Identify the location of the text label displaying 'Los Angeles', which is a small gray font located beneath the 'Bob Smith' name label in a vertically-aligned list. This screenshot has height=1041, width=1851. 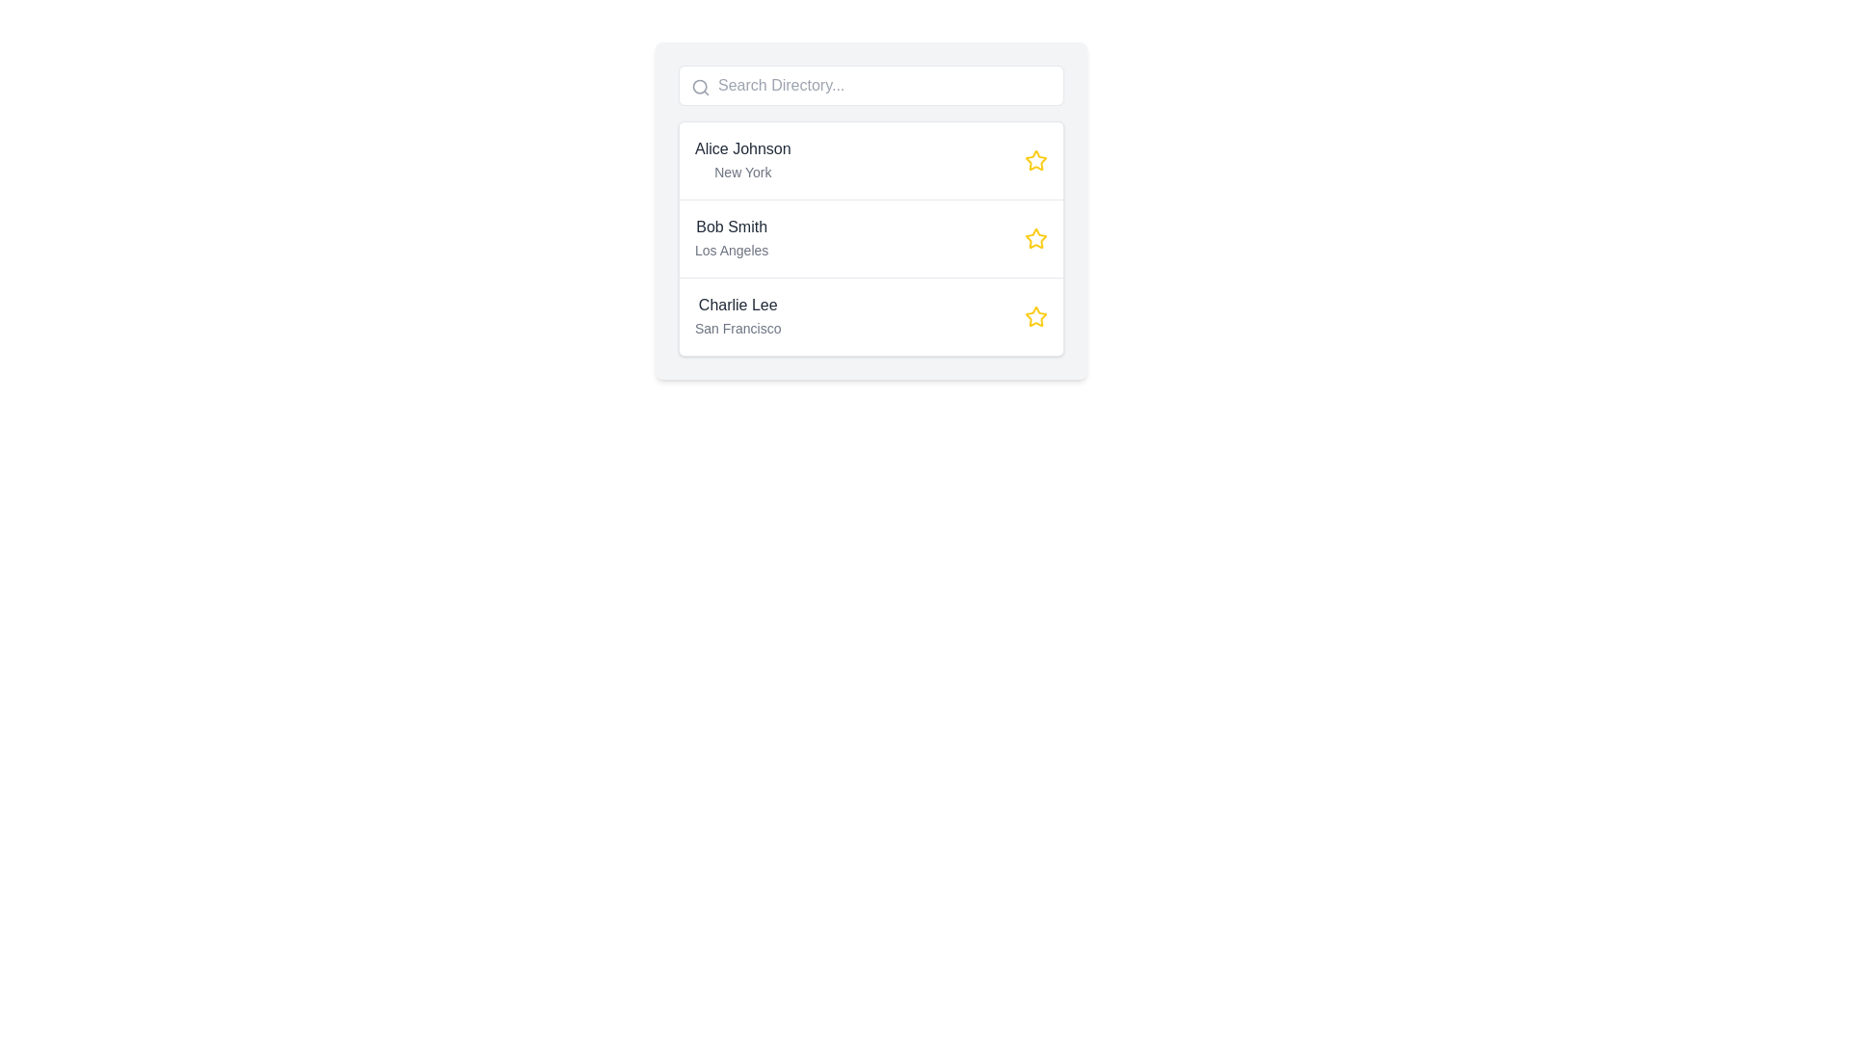
(731, 249).